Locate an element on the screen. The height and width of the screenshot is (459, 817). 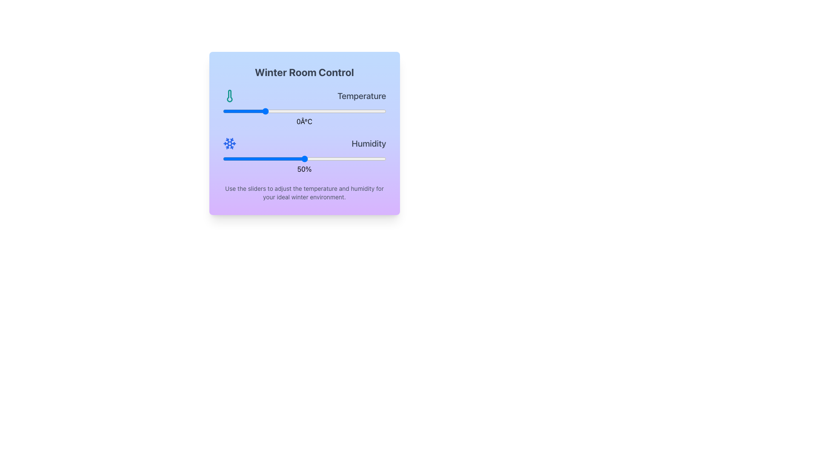
the temperature is located at coordinates (288, 111).